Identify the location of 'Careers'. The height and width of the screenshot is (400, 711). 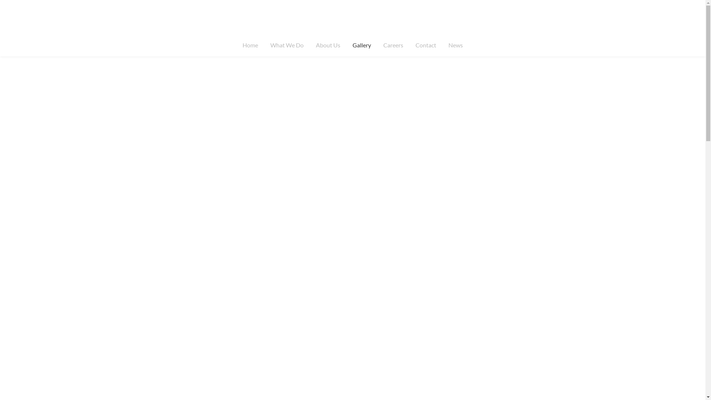
(393, 45).